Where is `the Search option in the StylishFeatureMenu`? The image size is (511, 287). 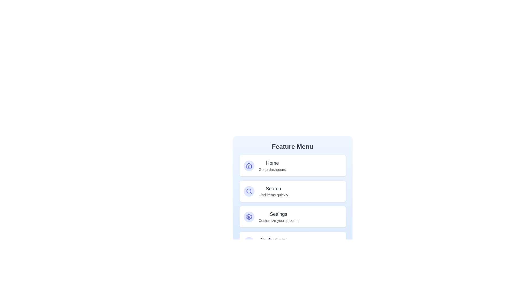
the Search option in the StylishFeatureMenu is located at coordinates (292, 191).